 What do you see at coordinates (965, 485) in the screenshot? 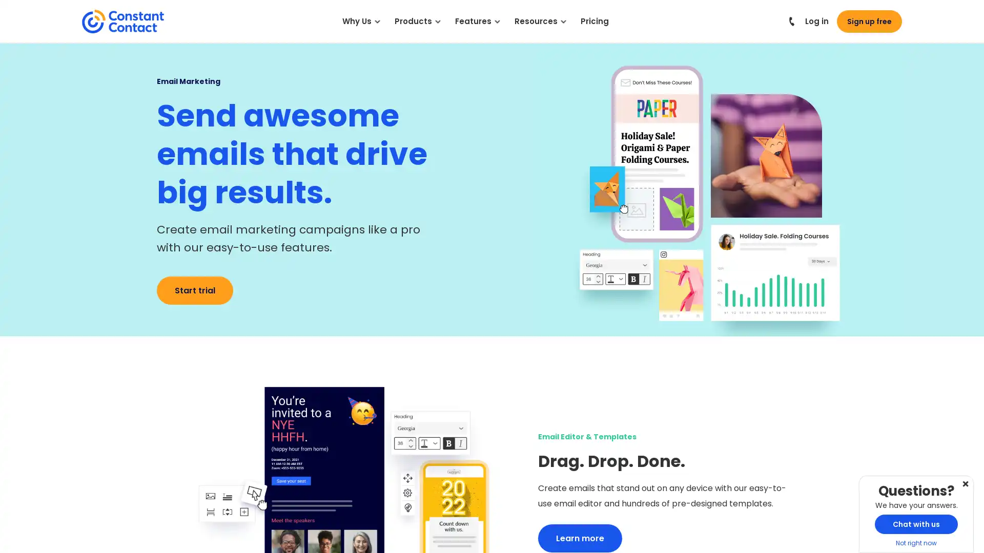
I see `Not right now` at bounding box center [965, 485].